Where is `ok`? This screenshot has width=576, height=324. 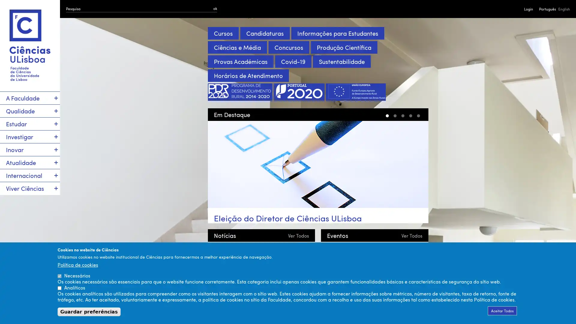 ok is located at coordinates (215, 8).